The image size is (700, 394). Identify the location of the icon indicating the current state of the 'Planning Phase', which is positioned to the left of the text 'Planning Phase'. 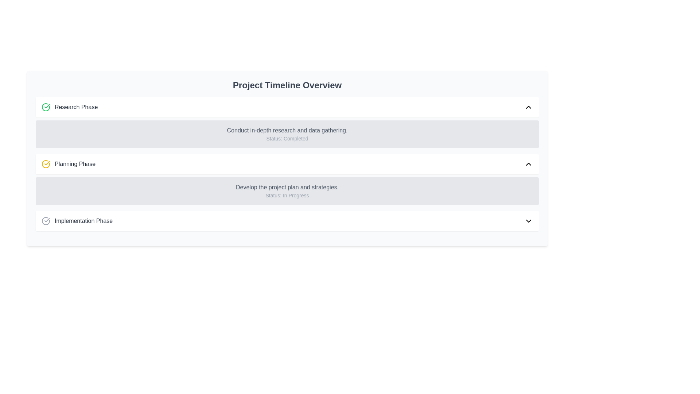
(45, 164).